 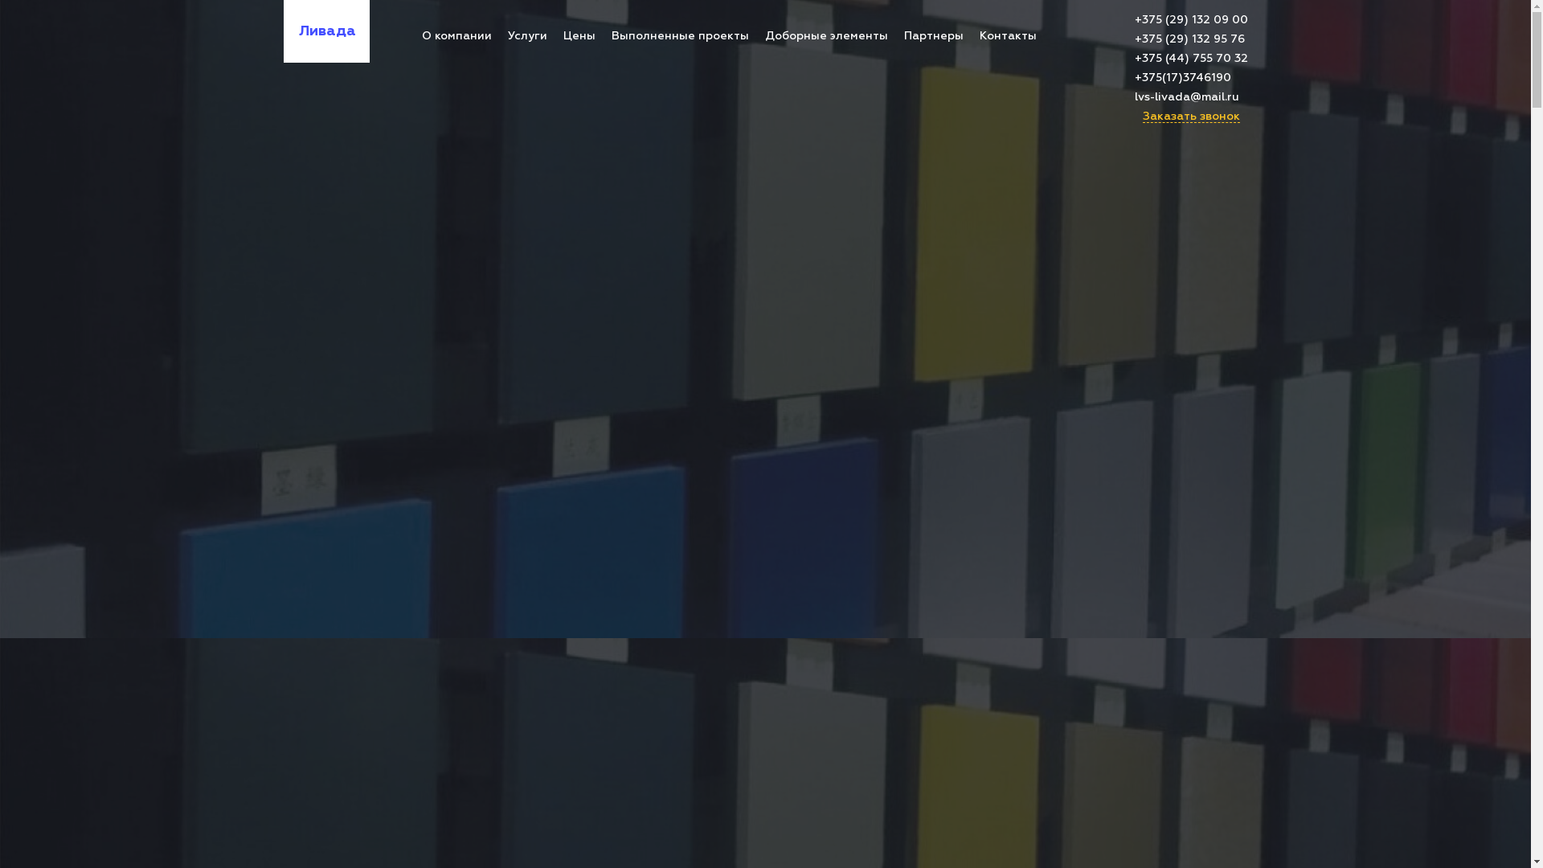 I want to click on '+375 (29) 132 95 76', so click(x=1191, y=39).